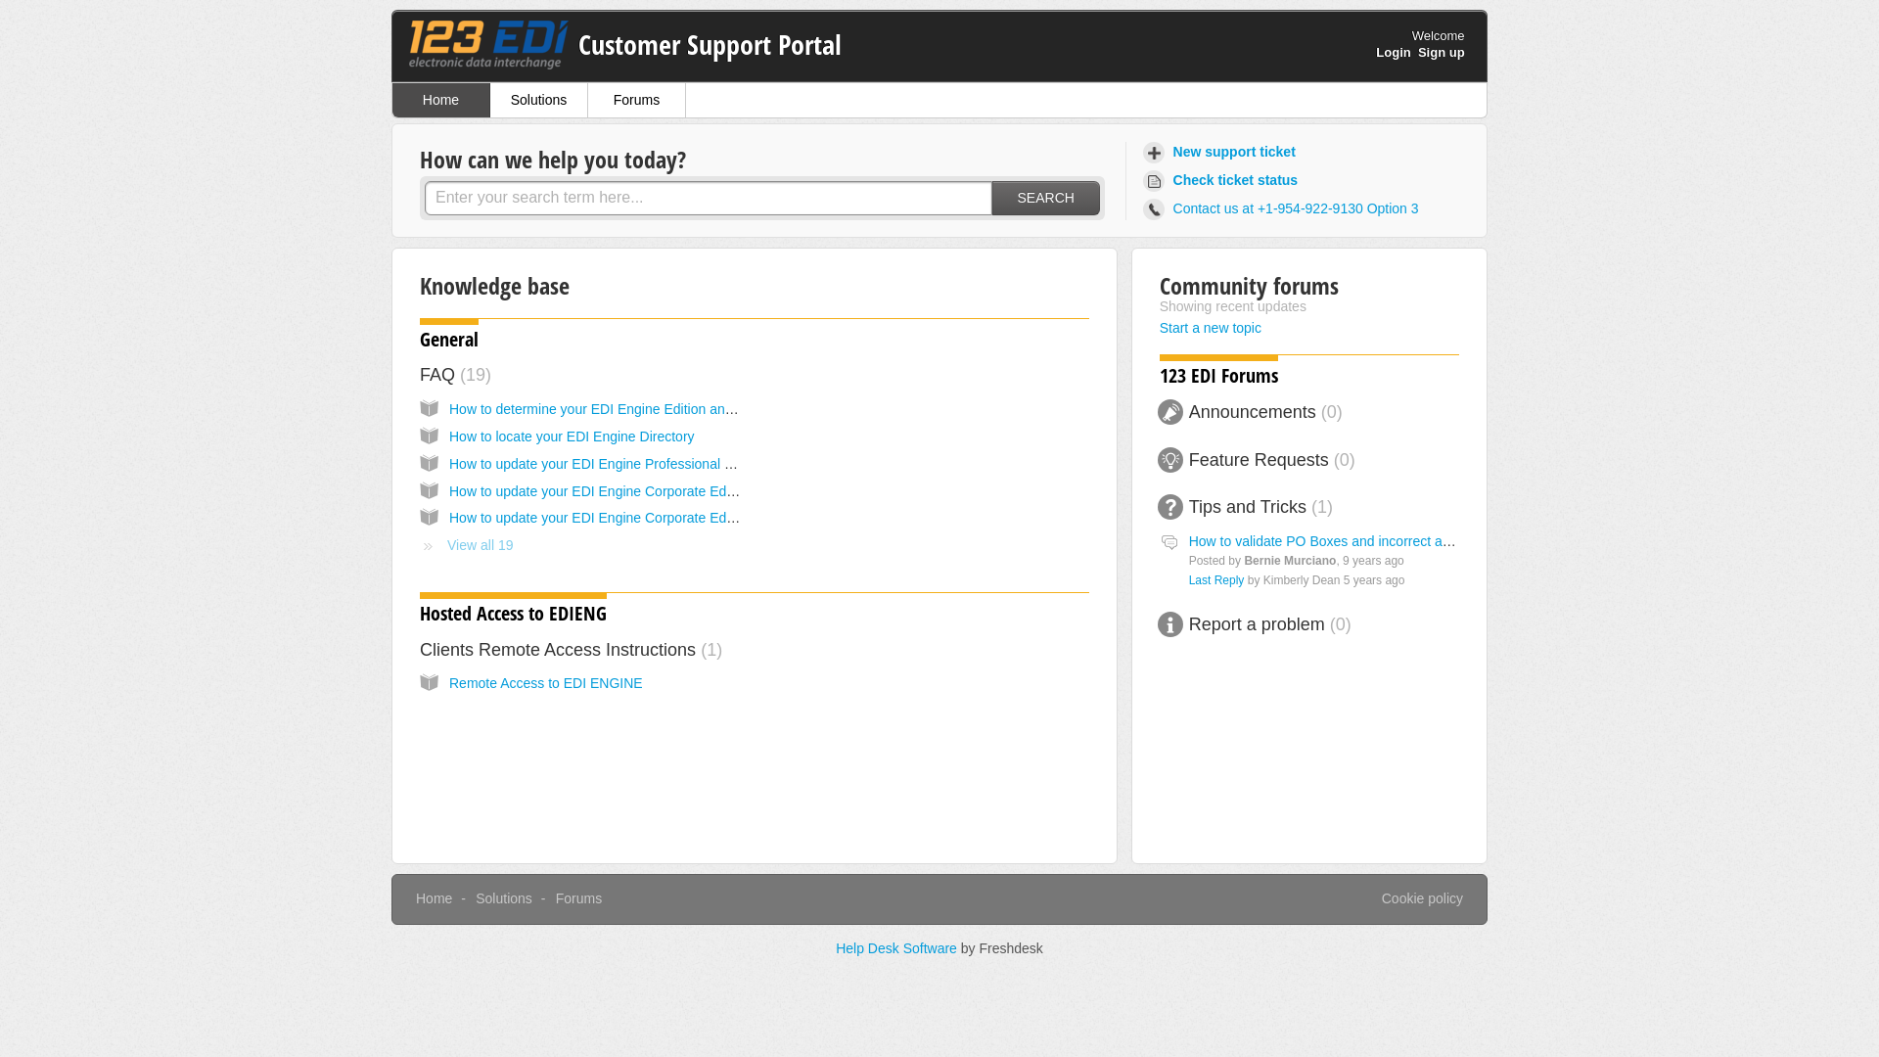  I want to click on 'Clients Remote Access Instructions 1', so click(570, 649).